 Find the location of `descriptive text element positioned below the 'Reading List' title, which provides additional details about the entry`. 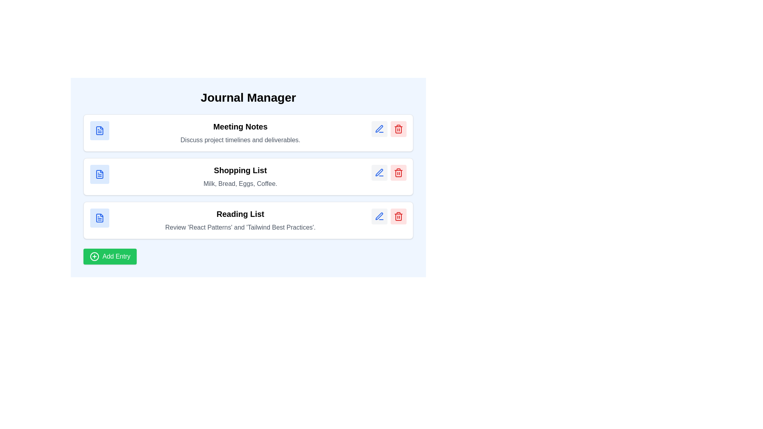

descriptive text element positioned below the 'Reading List' title, which provides additional details about the entry is located at coordinates (240, 228).